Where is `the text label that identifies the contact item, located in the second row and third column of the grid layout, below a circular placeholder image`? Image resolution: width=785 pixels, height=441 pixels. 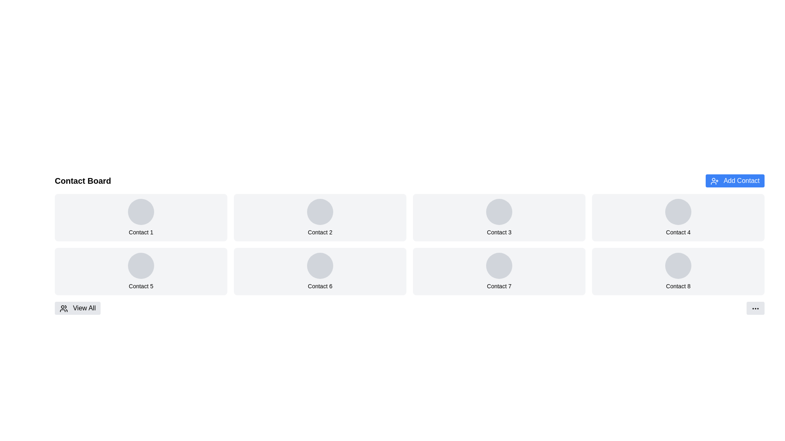
the text label that identifies the contact item, located in the second row and third column of the grid layout, below a circular placeholder image is located at coordinates (319, 286).